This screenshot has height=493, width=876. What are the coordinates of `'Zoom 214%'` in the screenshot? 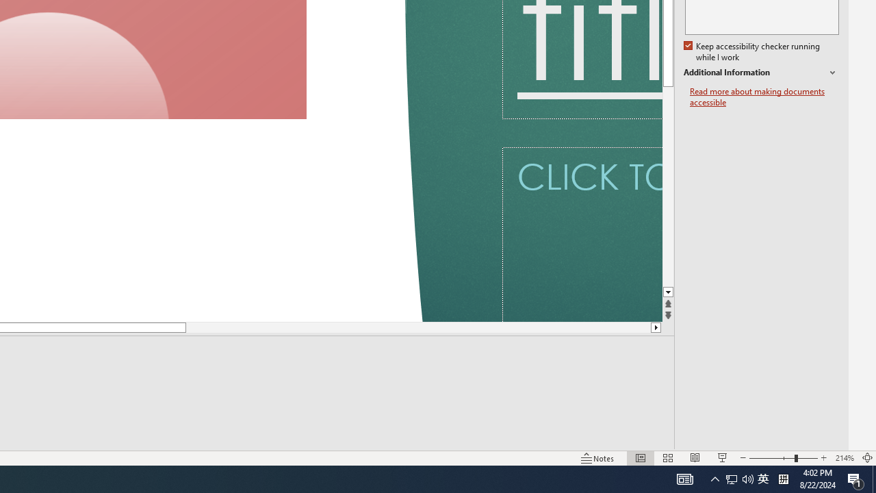 It's located at (844, 458).